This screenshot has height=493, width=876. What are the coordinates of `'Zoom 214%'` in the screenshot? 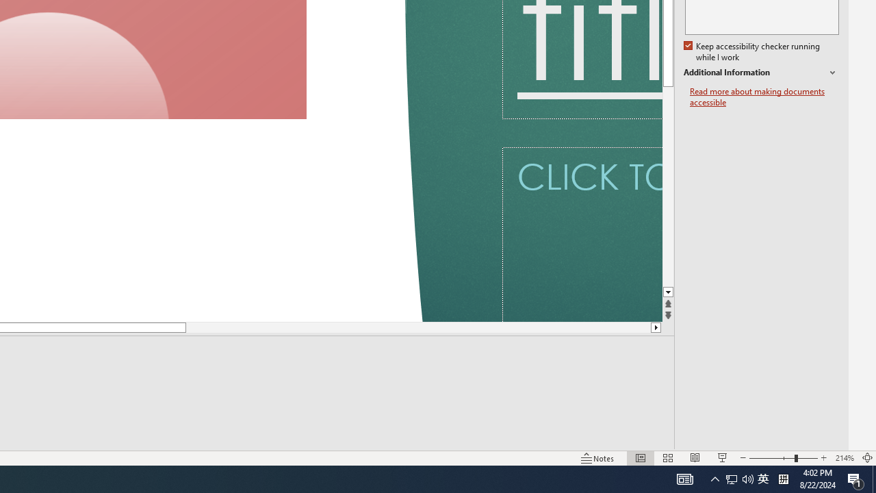 It's located at (844, 458).